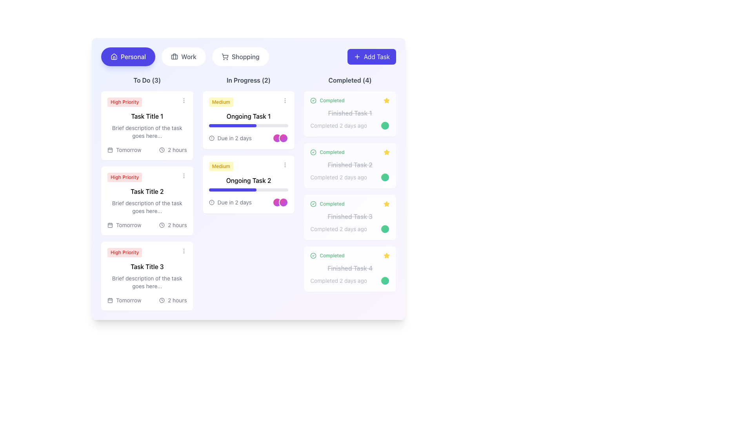 The image size is (753, 423). Describe the element at coordinates (283, 202) in the screenshot. I see `the decorative or interactive circular icon located at the bottom-right corner of the 'Ongoing Task 2' card` at that location.